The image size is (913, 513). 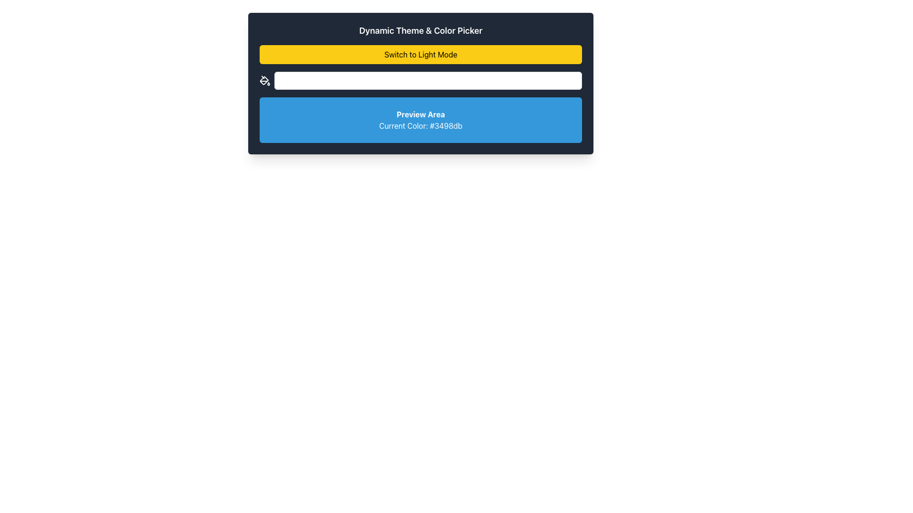 I want to click on the 'Switch to Light Mode' button, which is a rectangular button with rounded corners, yellow background, and black text, to switch the theme, so click(x=420, y=55).